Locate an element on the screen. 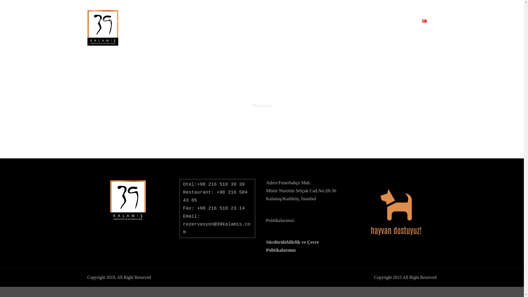 The image size is (528, 297). 'TOPLANTI ODALARI' is located at coordinates (214, 24).